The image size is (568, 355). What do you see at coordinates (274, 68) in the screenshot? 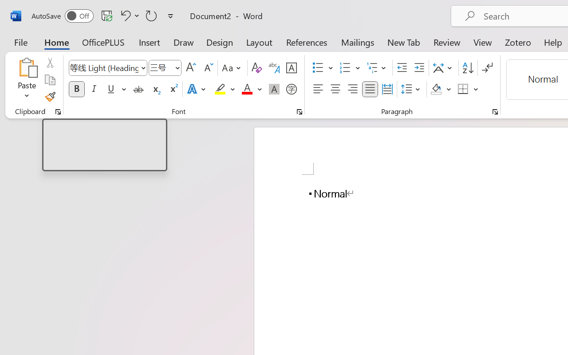
I see `'Phonetic Guide...'` at bounding box center [274, 68].